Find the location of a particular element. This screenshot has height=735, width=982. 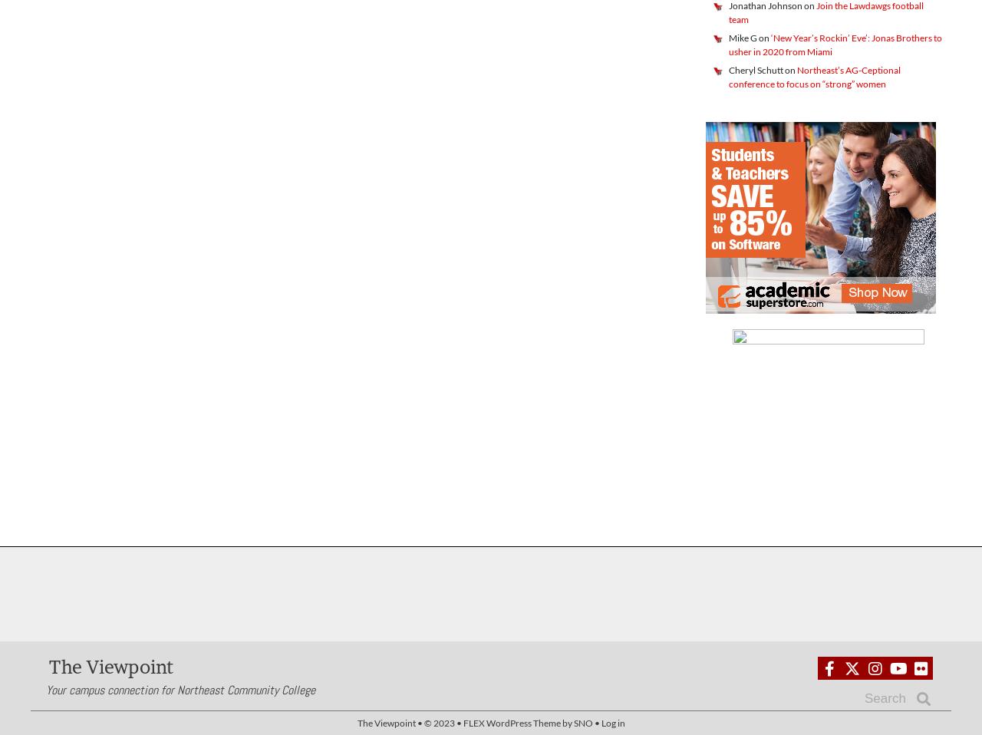

'by' is located at coordinates (565, 723).